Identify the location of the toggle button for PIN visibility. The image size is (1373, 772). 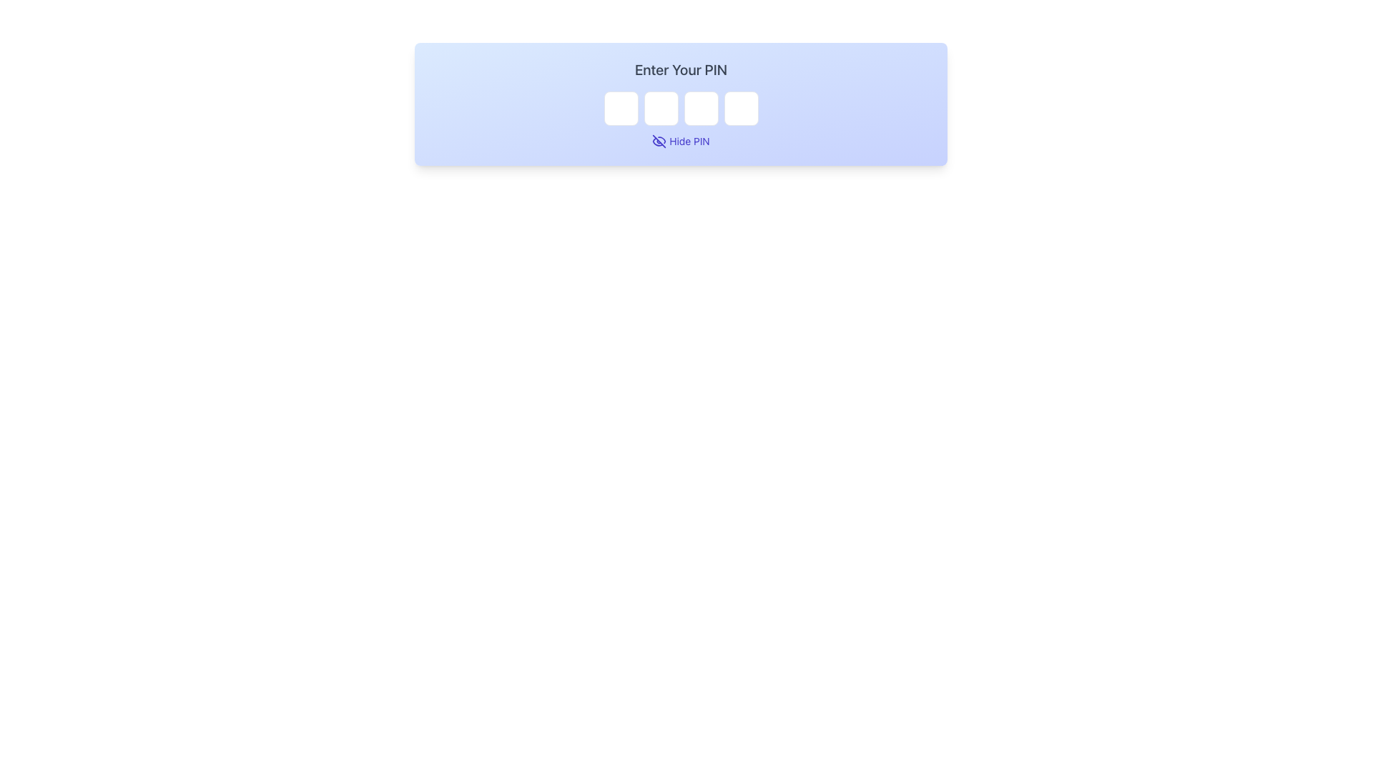
(680, 141).